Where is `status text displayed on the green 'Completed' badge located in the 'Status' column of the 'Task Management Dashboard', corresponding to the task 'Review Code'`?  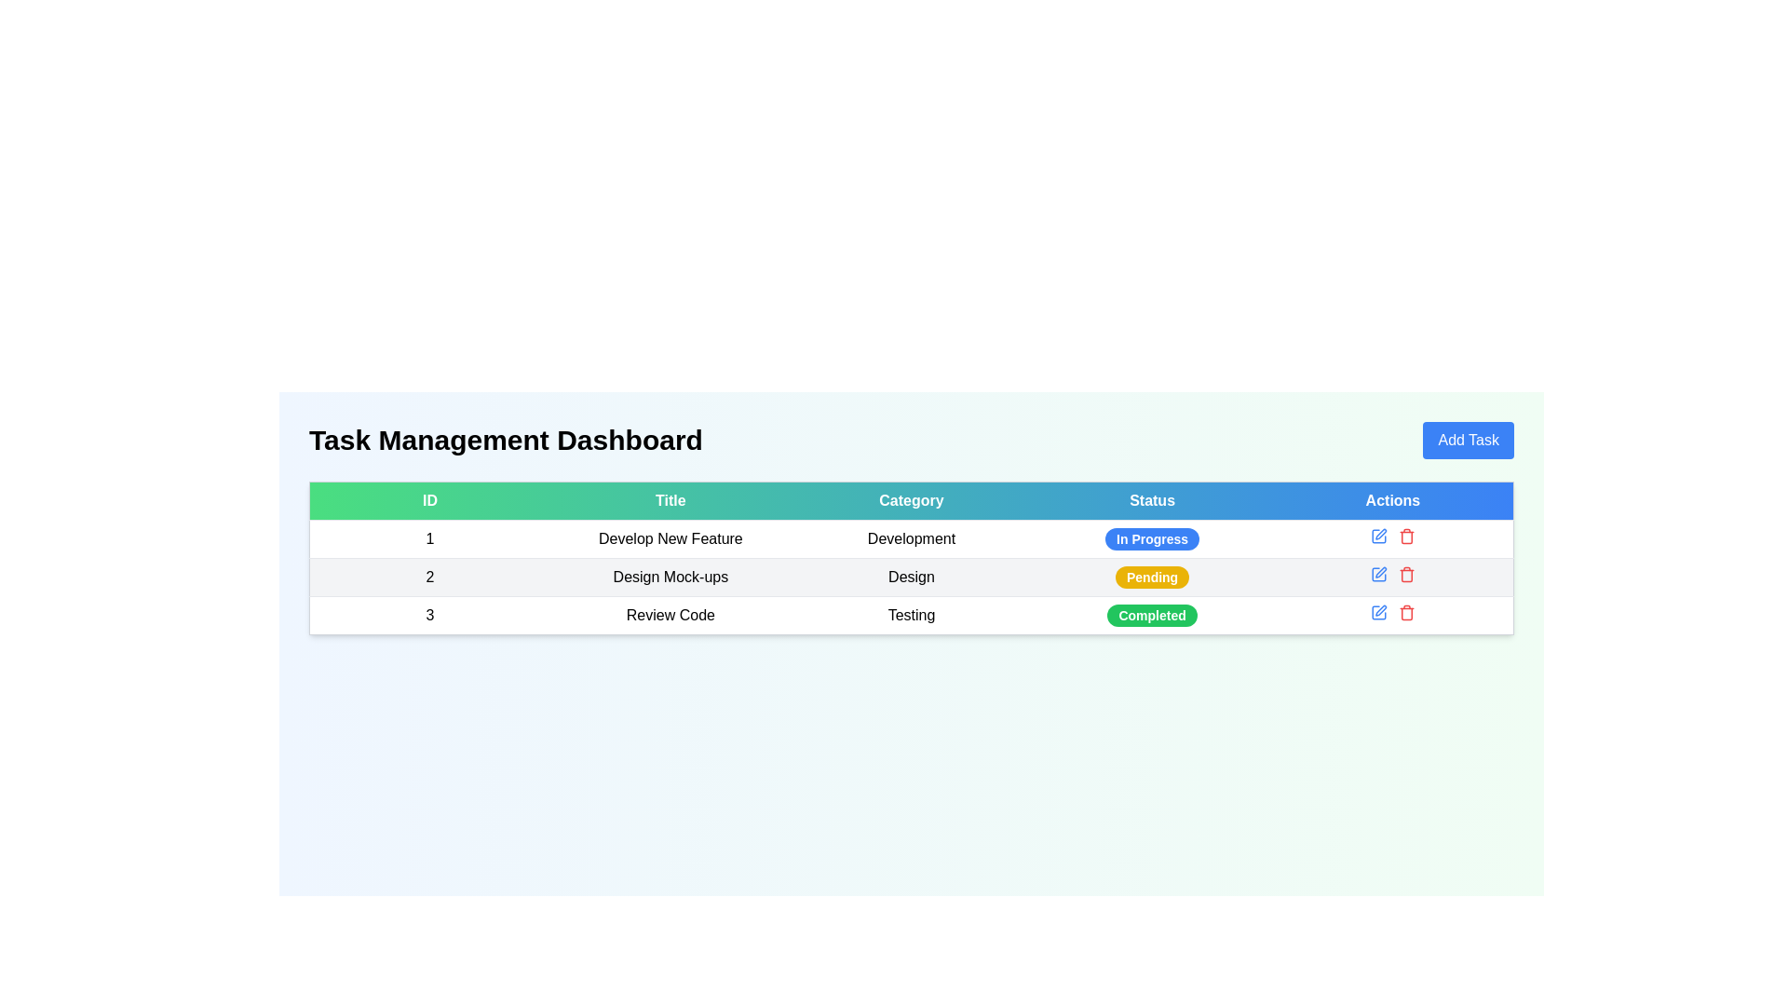 status text displayed on the green 'Completed' badge located in the 'Status' column of the 'Task Management Dashboard', corresponding to the task 'Review Code' is located at coordinates (1151, 615).